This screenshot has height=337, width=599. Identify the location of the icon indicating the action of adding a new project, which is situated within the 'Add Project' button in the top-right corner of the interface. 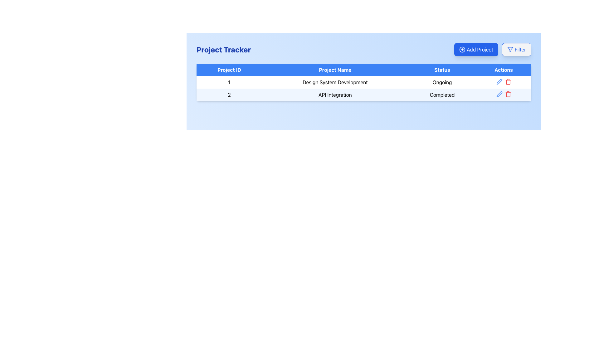
(462, 49).